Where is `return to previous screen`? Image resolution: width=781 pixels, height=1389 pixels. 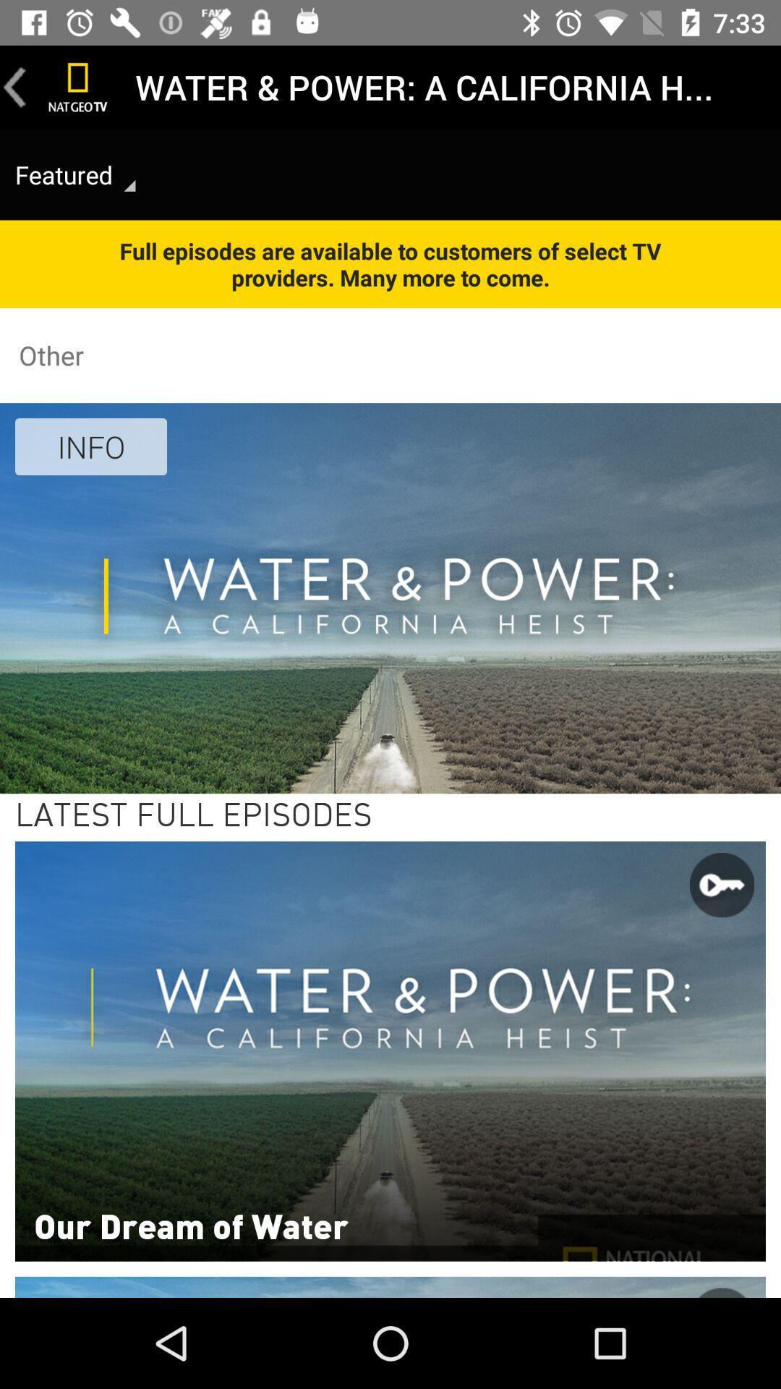 return to previous screen is located at coordinates (14, 86).